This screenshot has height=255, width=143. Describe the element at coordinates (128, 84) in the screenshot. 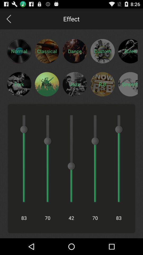

I see `option` at that location.